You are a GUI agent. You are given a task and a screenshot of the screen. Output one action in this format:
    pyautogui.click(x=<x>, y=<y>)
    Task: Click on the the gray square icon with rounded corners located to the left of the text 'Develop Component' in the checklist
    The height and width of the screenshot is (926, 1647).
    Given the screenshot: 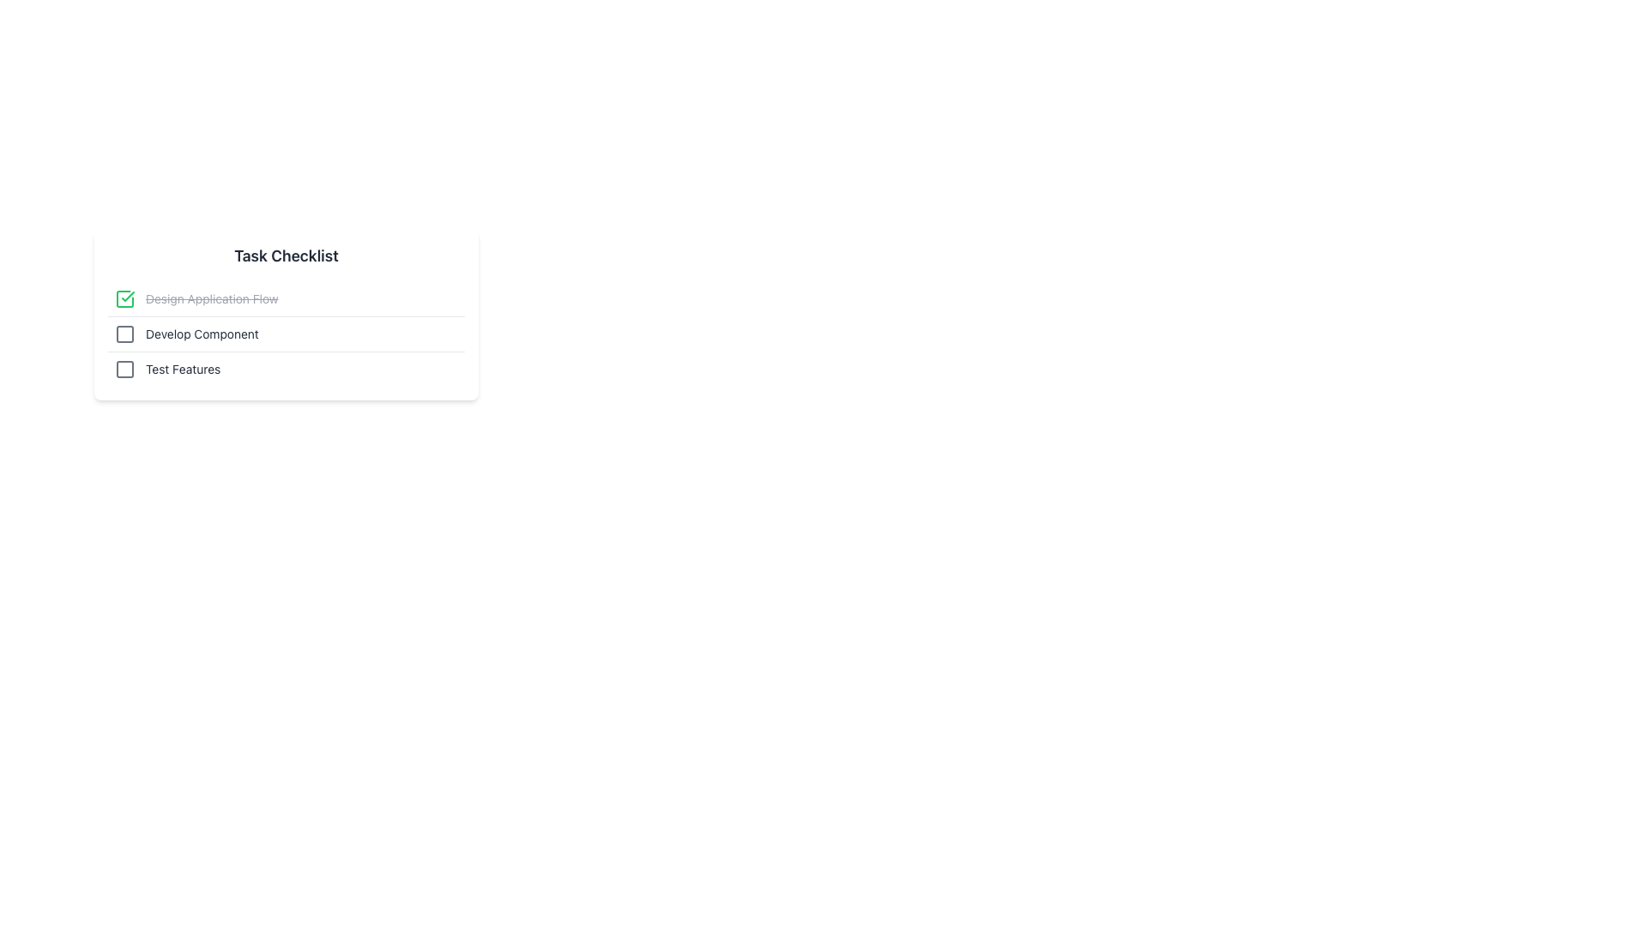 What is the action you would take?
    pyautogui.click(x=124, y=334)
    